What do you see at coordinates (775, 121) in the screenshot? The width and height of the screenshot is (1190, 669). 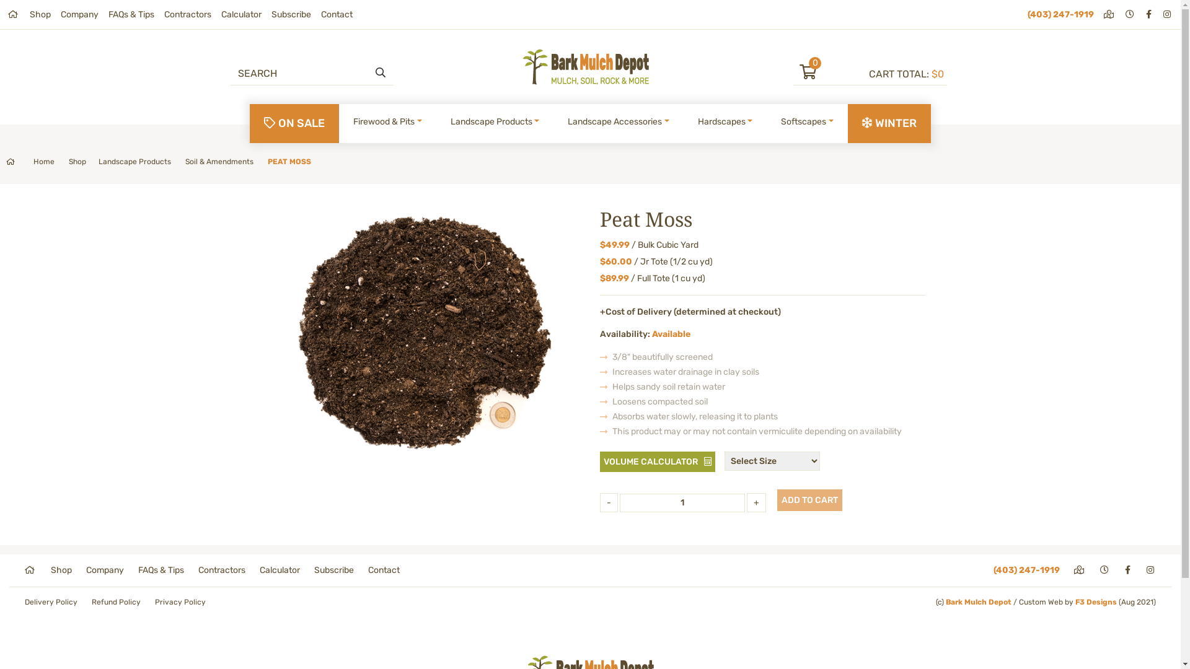 I see `'Softscapes'` at bounding box center [775, 121].